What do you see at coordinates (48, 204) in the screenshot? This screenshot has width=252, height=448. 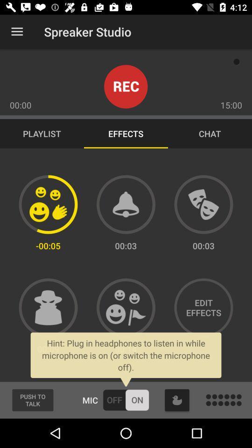 I see `applause` at bounding box center [48, 204].